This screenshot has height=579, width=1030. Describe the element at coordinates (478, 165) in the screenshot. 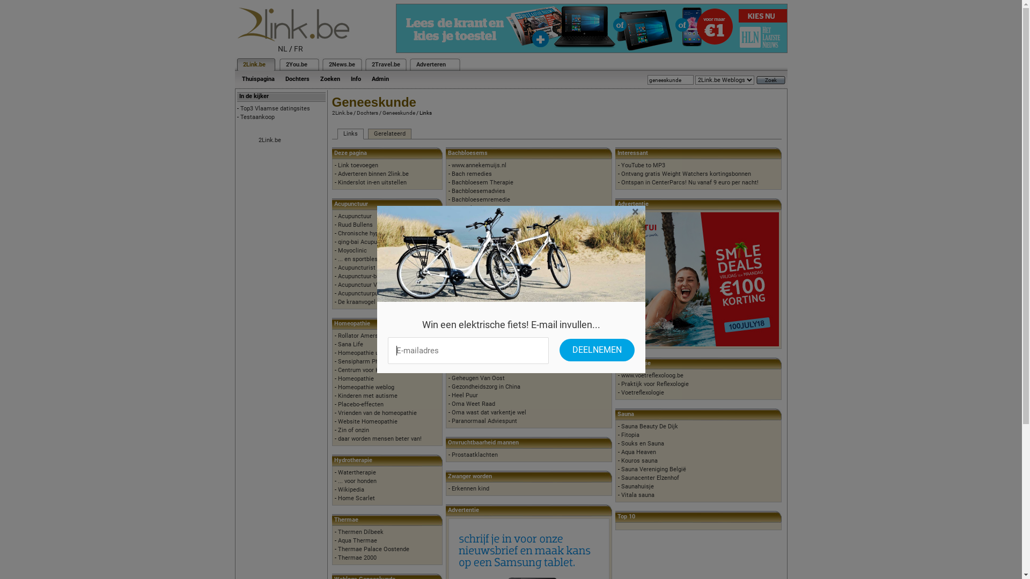

I see `'www.annekemuijs.nl'` at that location.